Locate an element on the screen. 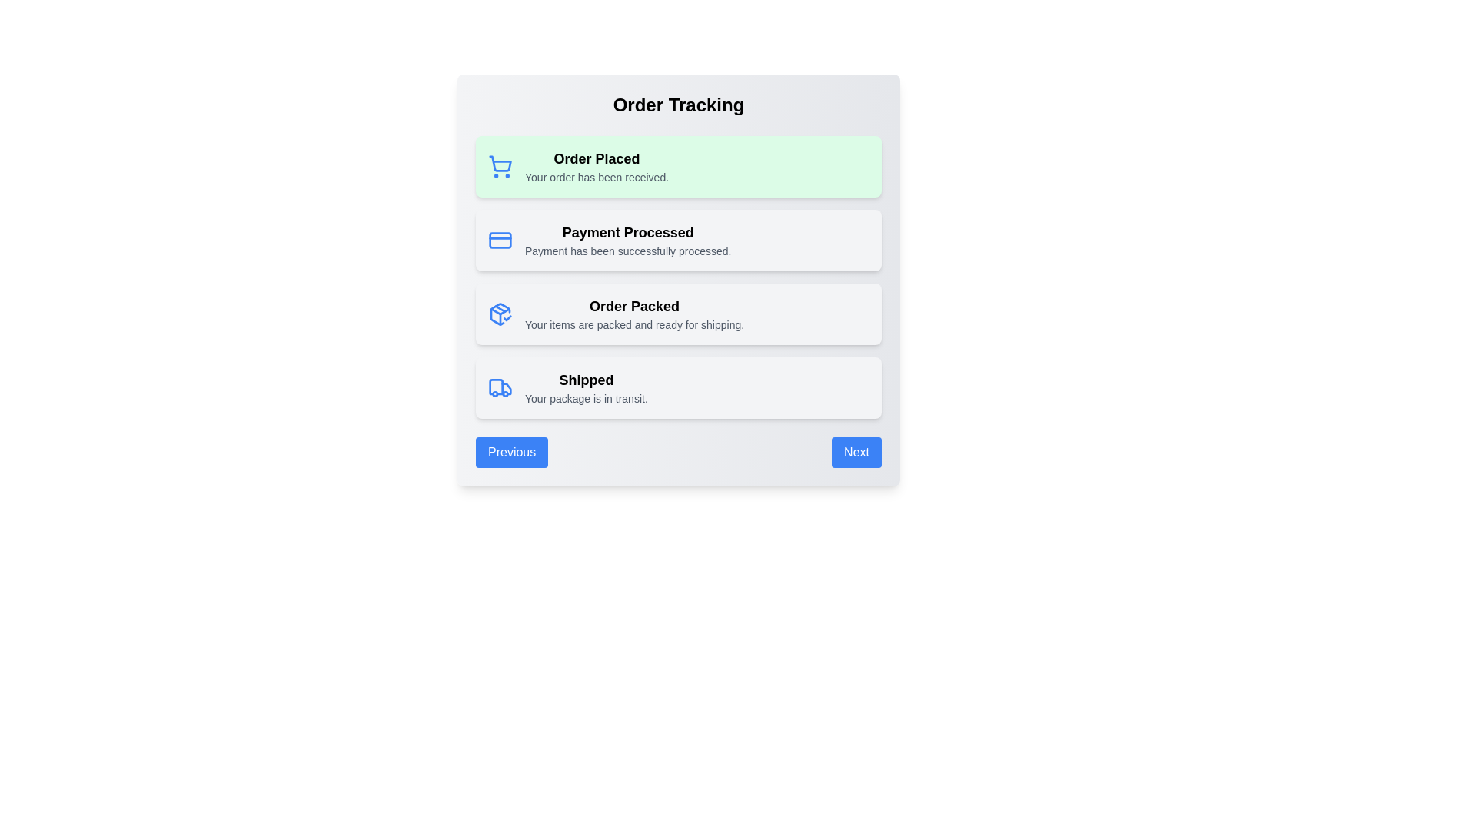 Image resolution: width=1476 pixels, height=830 pixels. text 'Payment Processed' displayed in a bold, large font within the white rounded rectangle card layout, located on the second card in the order tracking section is located at coordinates (628, 233).